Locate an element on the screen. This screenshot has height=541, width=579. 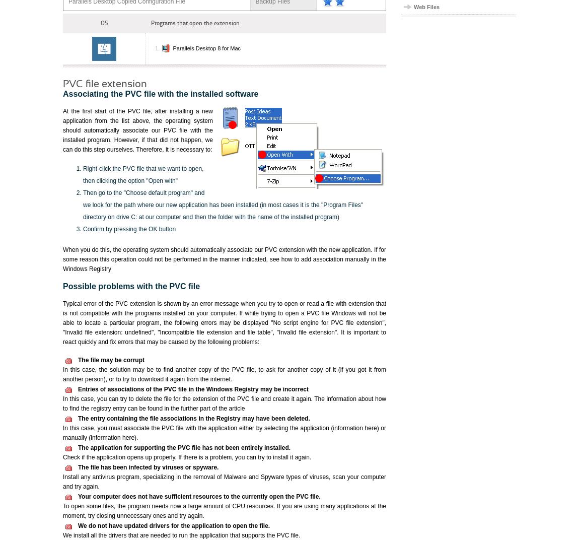
'PVC file extension' is located at coordinates (104, 84).